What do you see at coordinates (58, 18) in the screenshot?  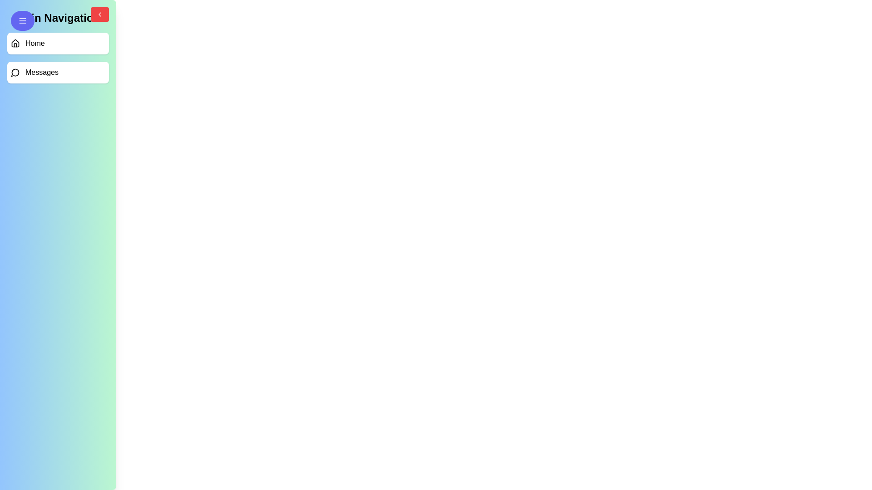 I see `the 'Main Navigation' text element located at the top of the vertical sidebar, which is in a bold, large font and serves as a visual reference for navigation context` at bounding box center [58, 18].